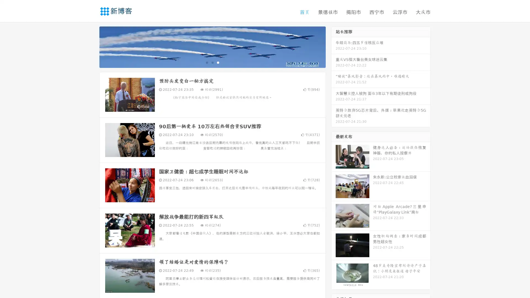 The height and width of the screenshot is (298, 530). Describe the element at coordinates (206, 62) in the screenshot. I see `Go to slide 1` at that location.